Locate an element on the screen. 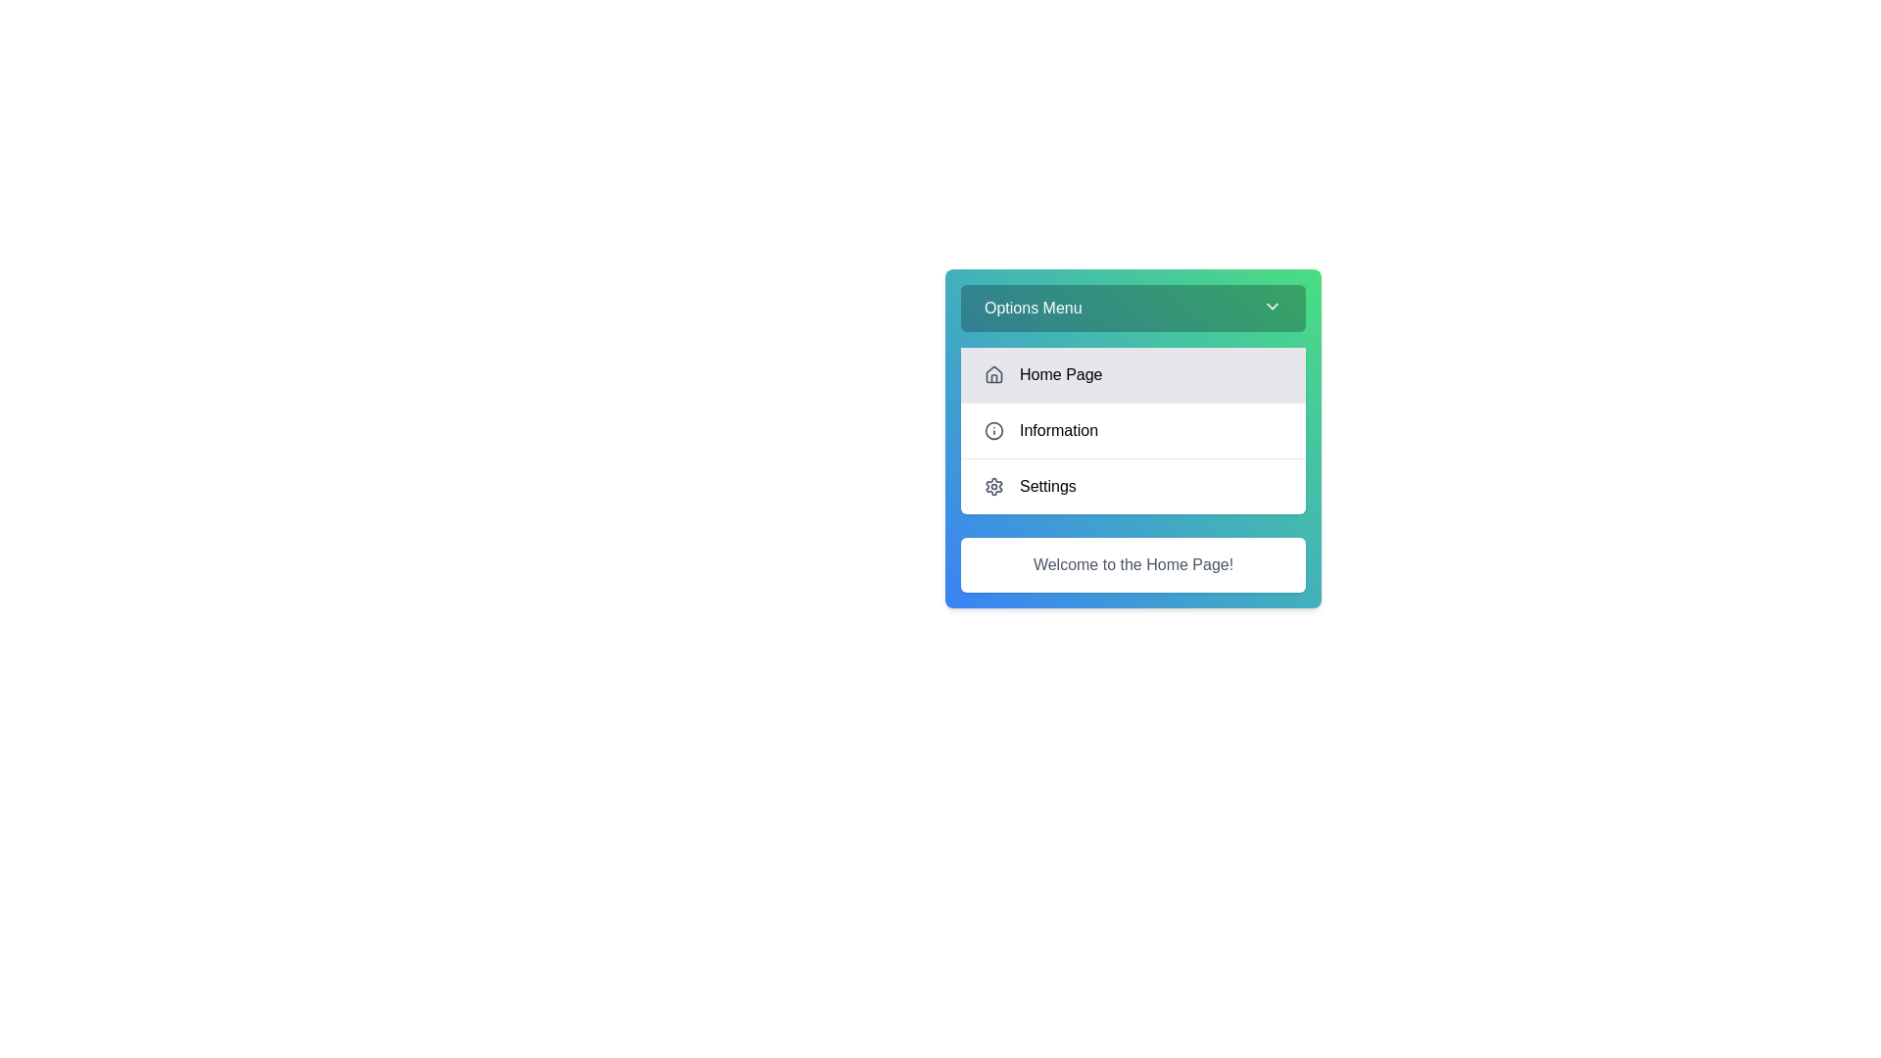  the home icon located to the left of the 'Home Page' text in the first item of the vertically stacked options under the 'Options Menu' is located at coordinates (993, 374).